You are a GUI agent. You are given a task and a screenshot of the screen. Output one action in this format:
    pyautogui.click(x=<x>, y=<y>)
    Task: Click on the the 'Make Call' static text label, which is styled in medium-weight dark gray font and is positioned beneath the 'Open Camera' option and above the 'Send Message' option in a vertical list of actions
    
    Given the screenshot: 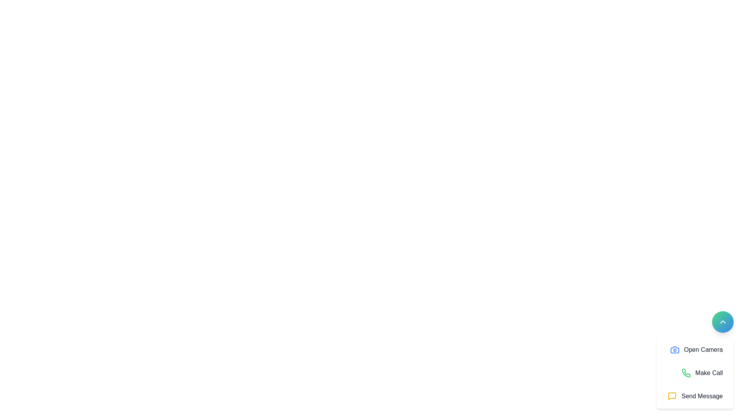 What is the action you would take?
    pyautogui.click(x=709, y=373)
    